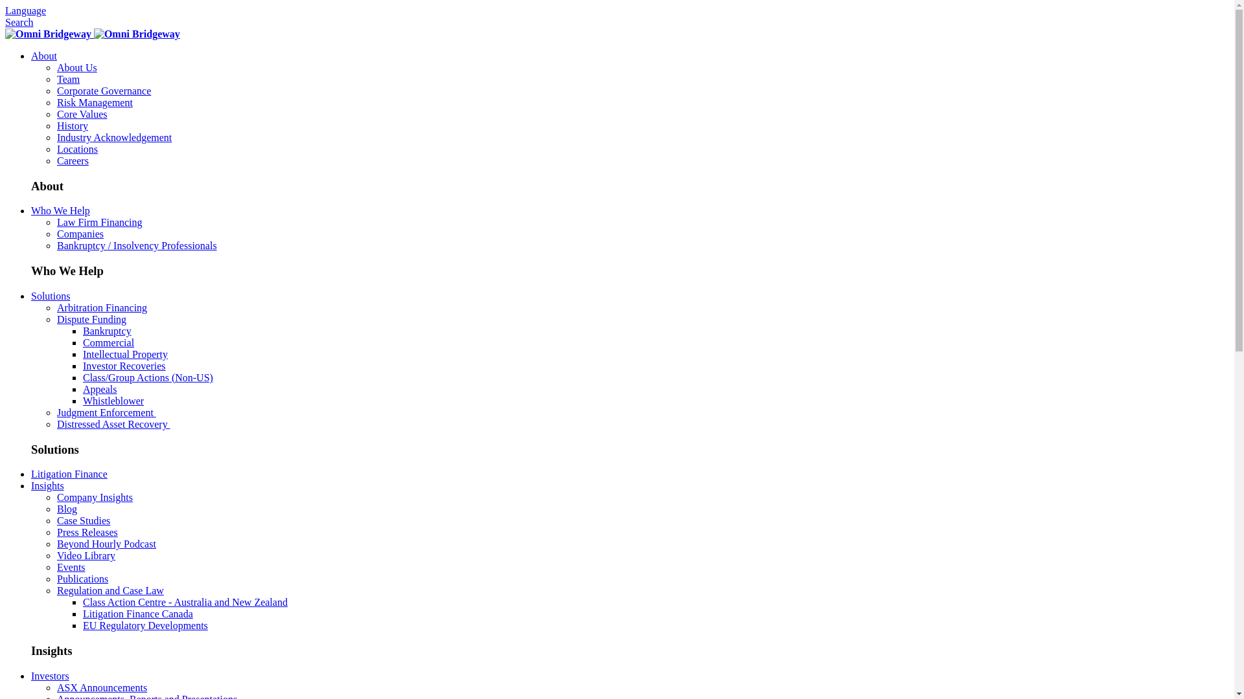  Describe the element at coordinates (76, 148) in the screenshot. I see `'Locations'` at that location.